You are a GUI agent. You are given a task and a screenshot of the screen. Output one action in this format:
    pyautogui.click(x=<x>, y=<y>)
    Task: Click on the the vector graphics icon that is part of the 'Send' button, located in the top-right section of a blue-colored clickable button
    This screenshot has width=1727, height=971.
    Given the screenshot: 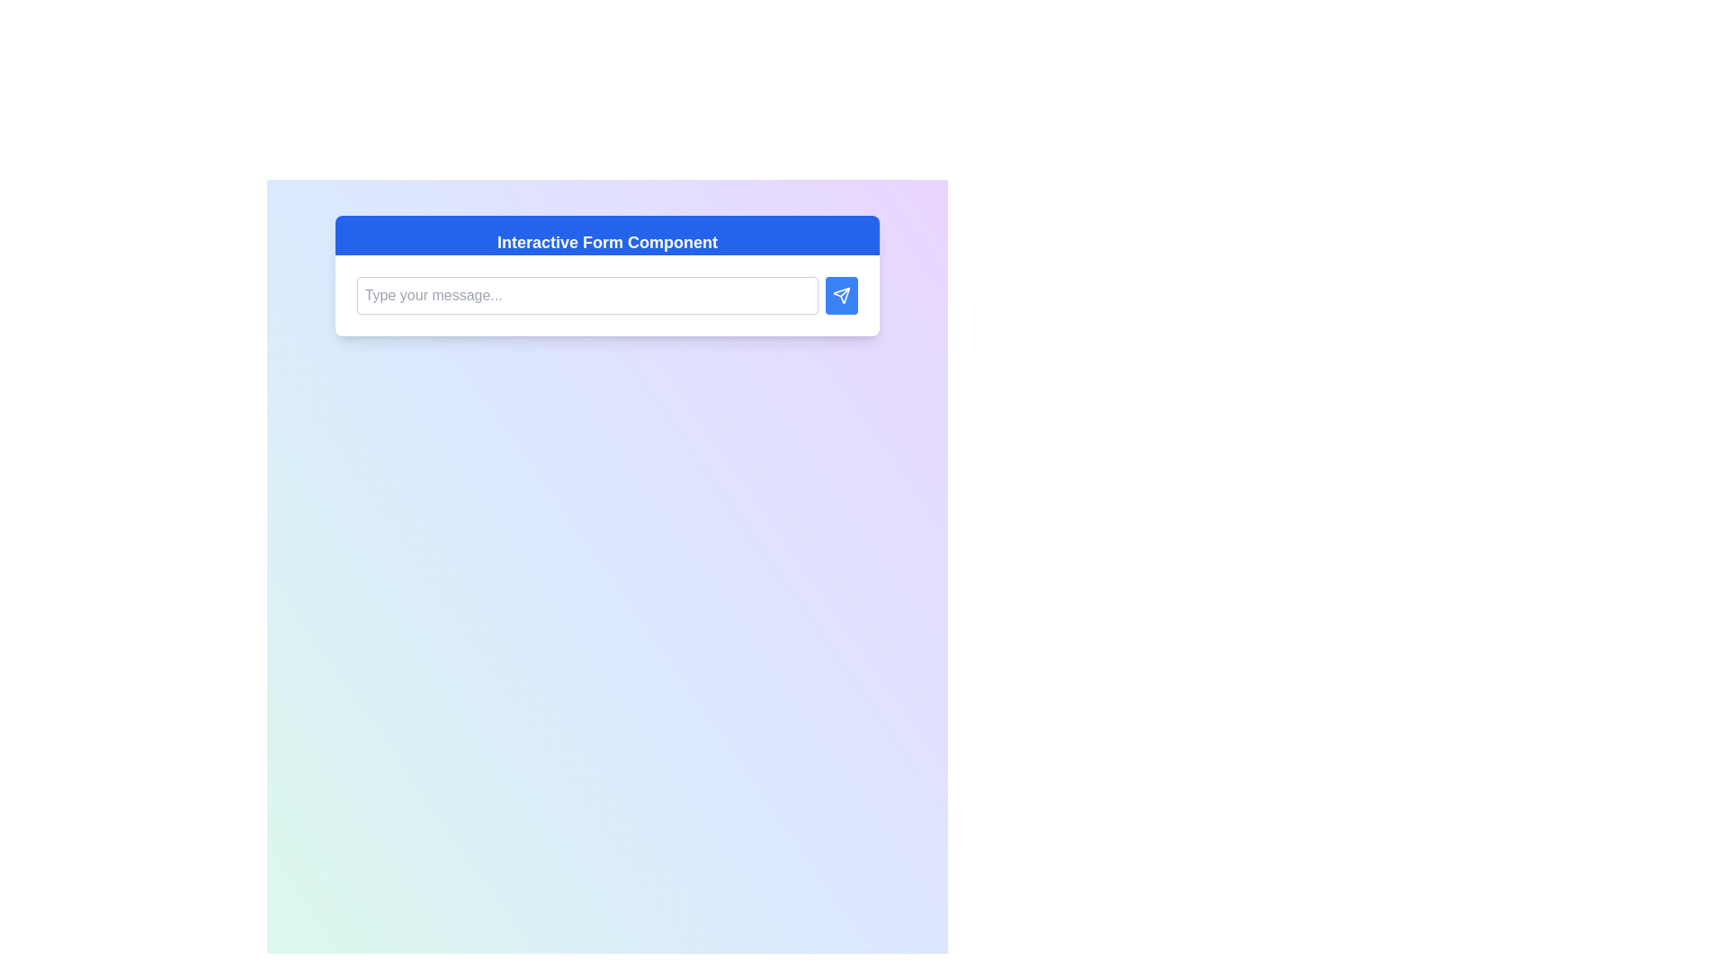 What is the action you would take?
    pyautogui.click(x=841, y=293)
    